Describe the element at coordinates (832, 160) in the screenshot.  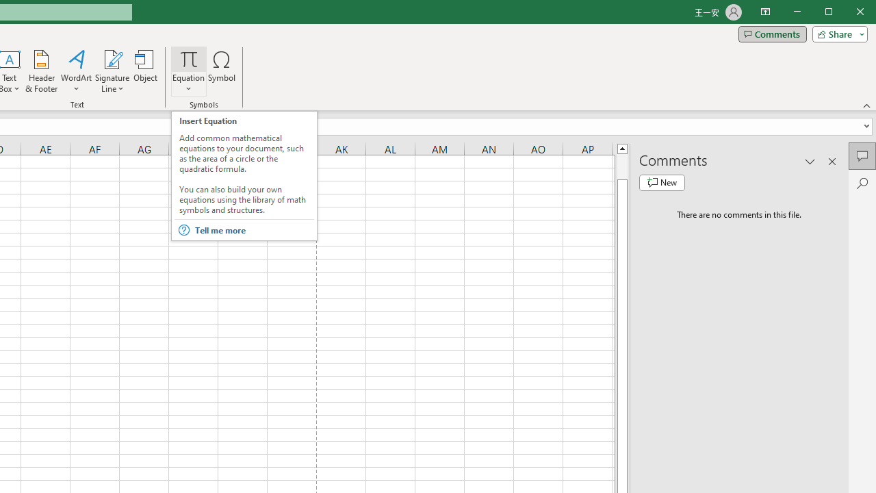
I see `'Close pane'` at that location.